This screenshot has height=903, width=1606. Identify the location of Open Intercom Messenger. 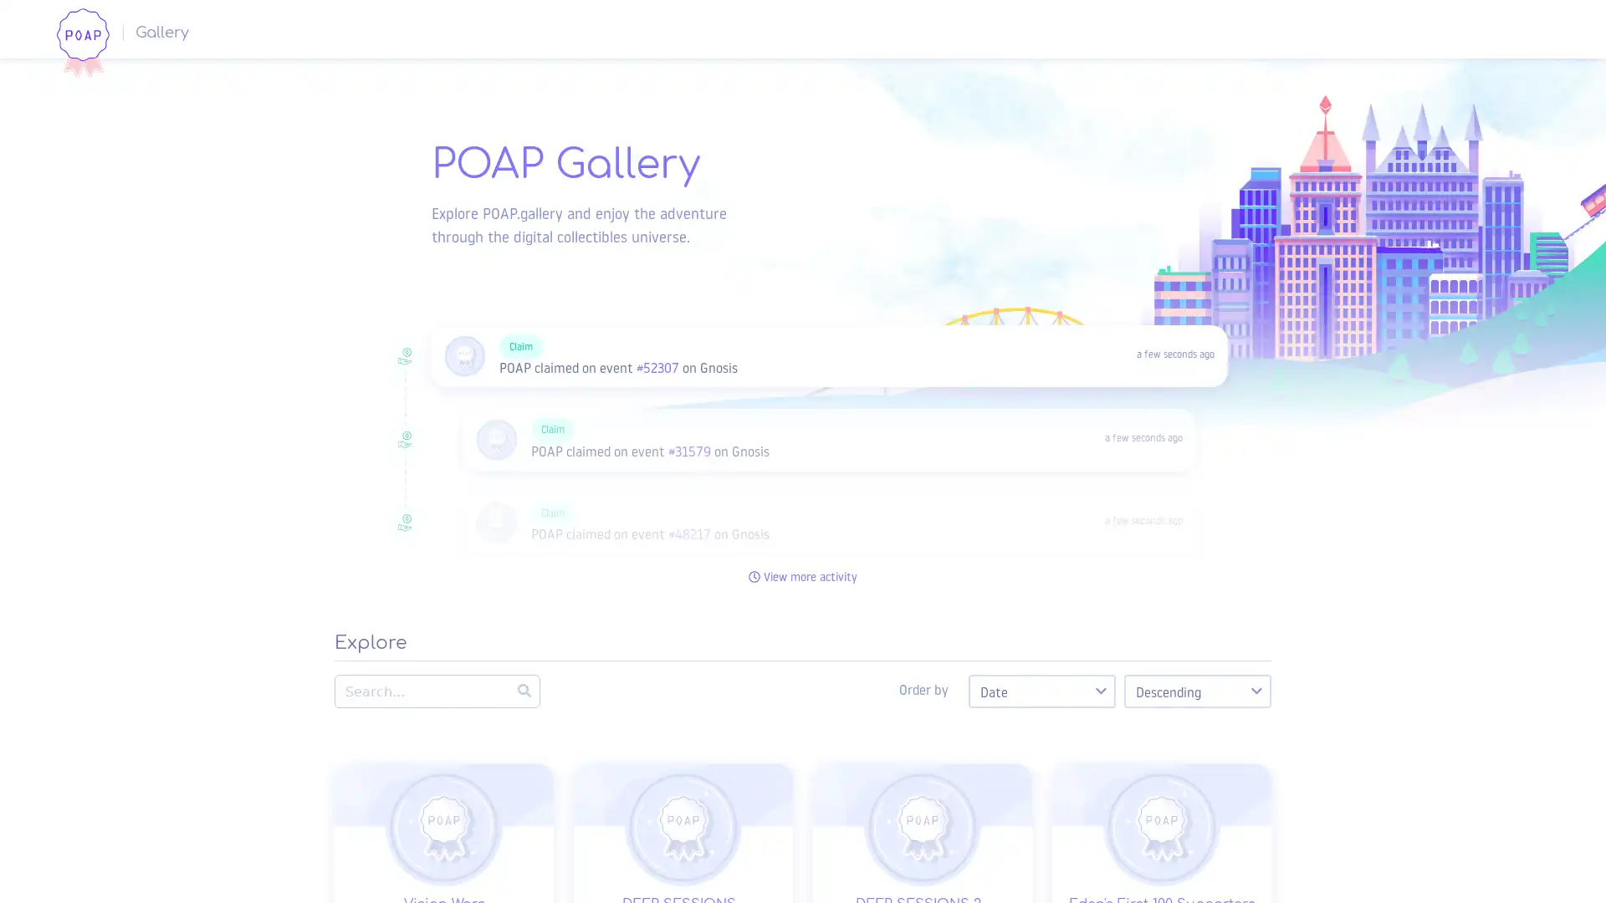
(1563, 860).